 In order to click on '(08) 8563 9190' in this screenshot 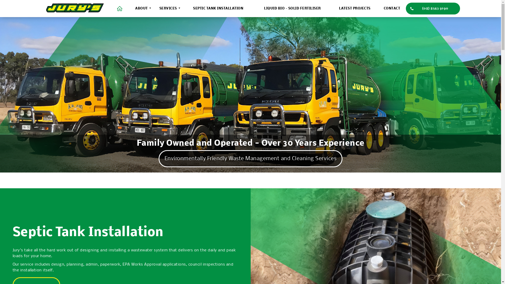, I will do `click(433, 8)`.